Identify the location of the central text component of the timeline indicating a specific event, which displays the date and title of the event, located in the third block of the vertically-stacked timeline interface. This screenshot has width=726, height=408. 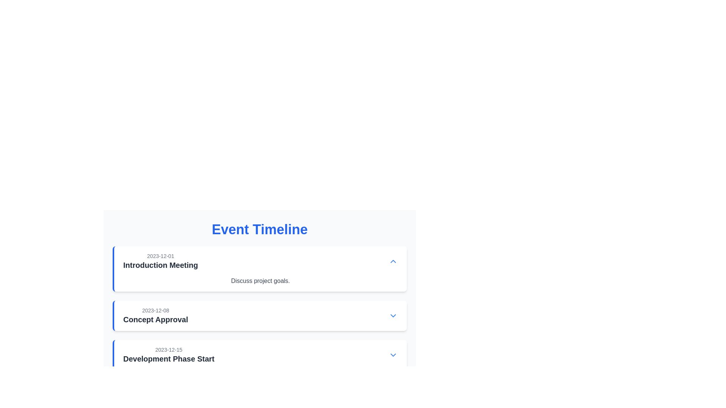
(168, 355).